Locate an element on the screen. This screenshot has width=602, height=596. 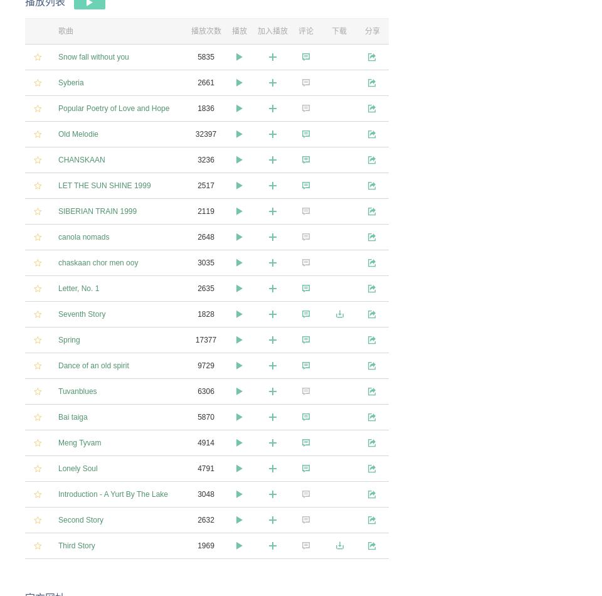
'9729' is located at coordinates (206, 365).